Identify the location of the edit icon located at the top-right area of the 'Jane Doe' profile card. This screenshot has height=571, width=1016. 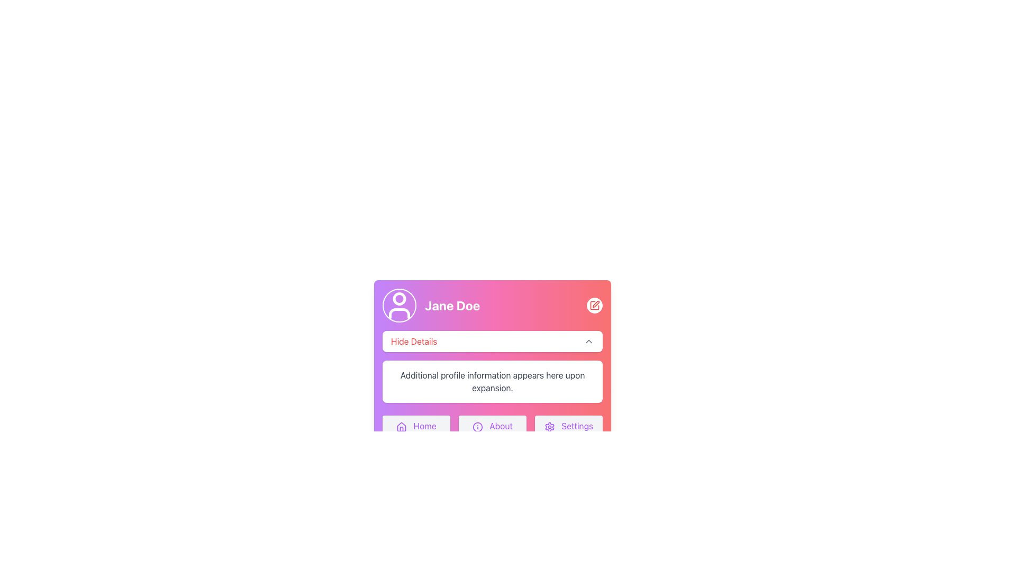
(596, 304).